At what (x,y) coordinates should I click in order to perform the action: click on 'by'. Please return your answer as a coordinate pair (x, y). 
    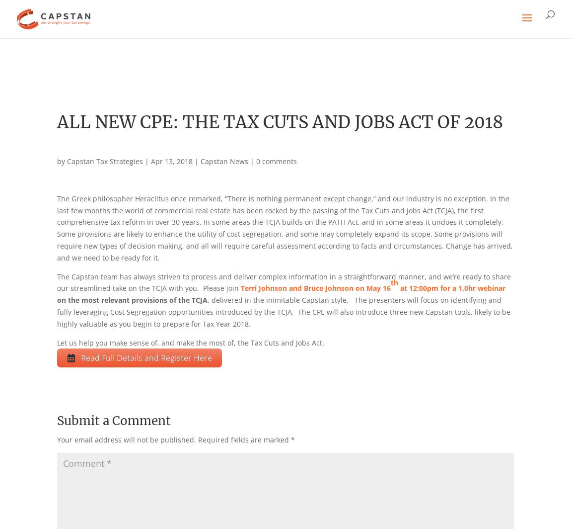
    Looking at the image, I should click on (62, 161).